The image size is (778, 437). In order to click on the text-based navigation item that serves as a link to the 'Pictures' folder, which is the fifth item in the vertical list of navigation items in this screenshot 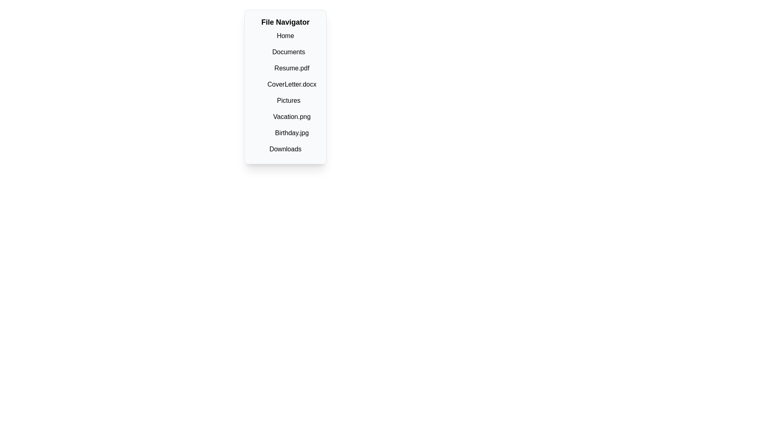, I will do `click(289, 100)`.